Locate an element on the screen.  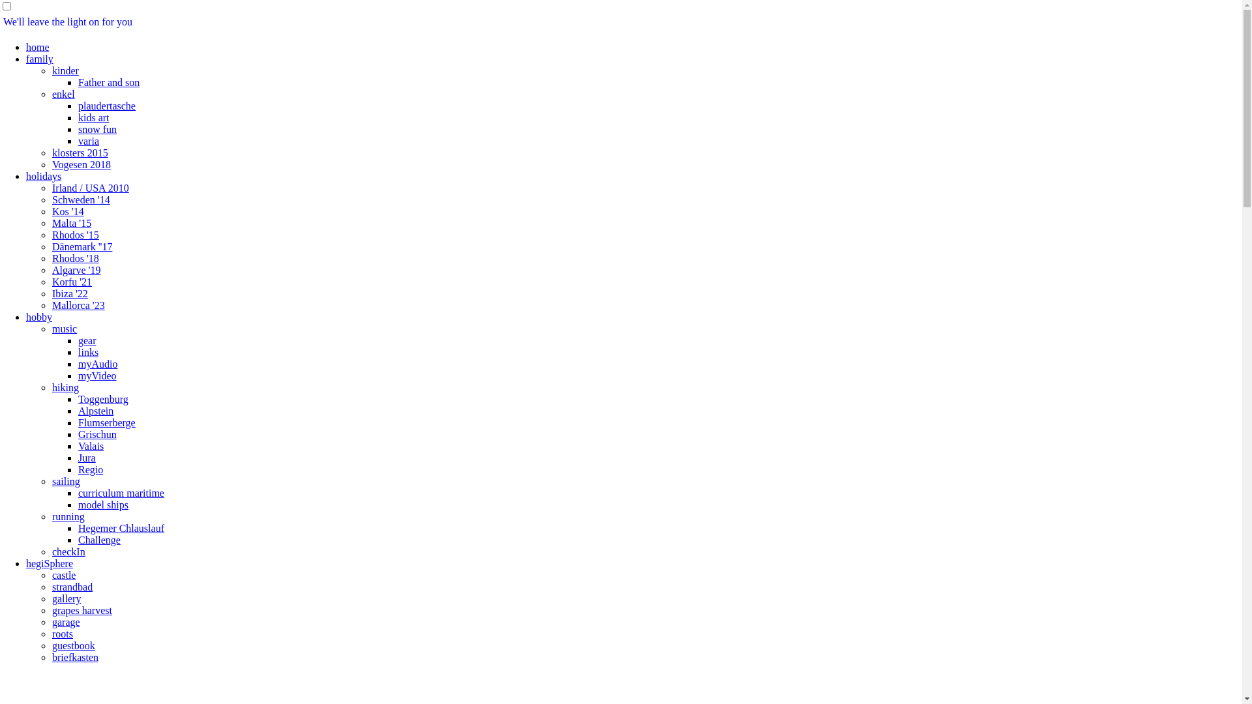
'Jura' is located at coordinates (78, 457).